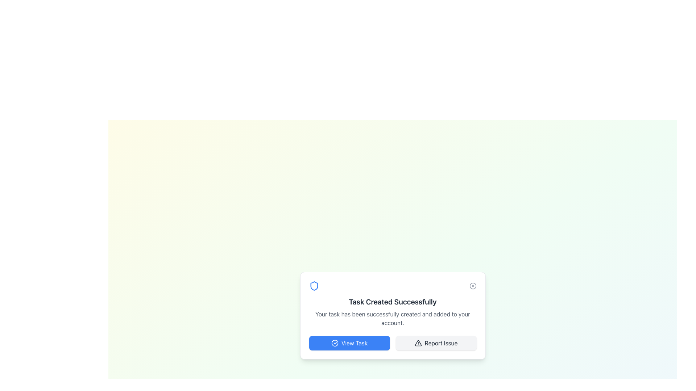 Image resolution: width=696 pixels, height=391 pixels. I want to click on the circular button with a cross icon located at the top-right corner of the card containing the message 'Task Created Successfully', so click(473, 286).